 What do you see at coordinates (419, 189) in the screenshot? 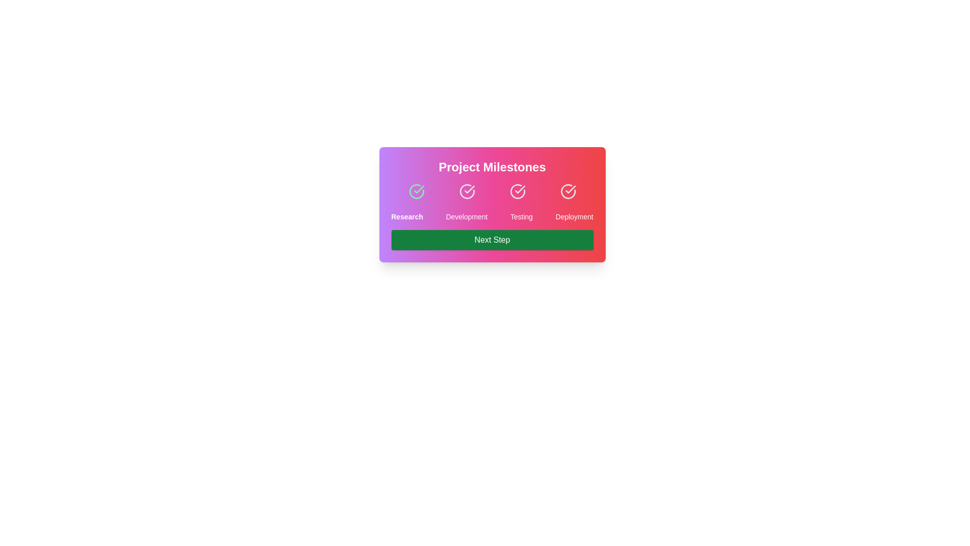
I see `the checkmark icon that indicates the completion of the 'Research' milestone, which is the leftmost icon in the row of four icons at the top of the 'Project Milestones' card` at bounding box center [419, 189].